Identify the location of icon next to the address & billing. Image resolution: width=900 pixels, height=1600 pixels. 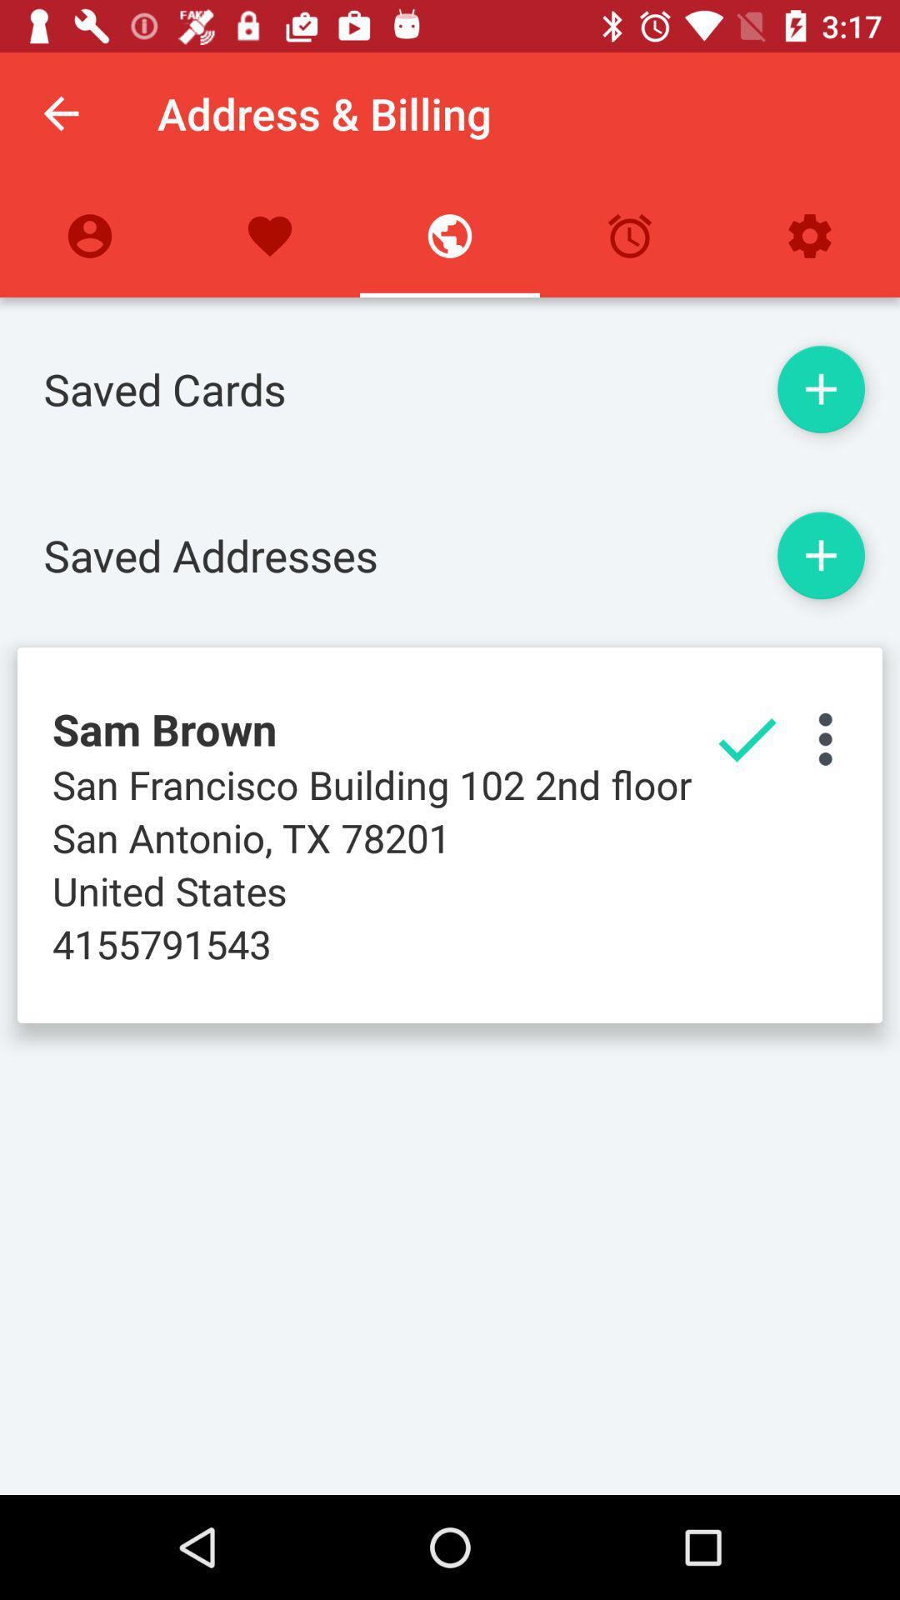
(60, 112).